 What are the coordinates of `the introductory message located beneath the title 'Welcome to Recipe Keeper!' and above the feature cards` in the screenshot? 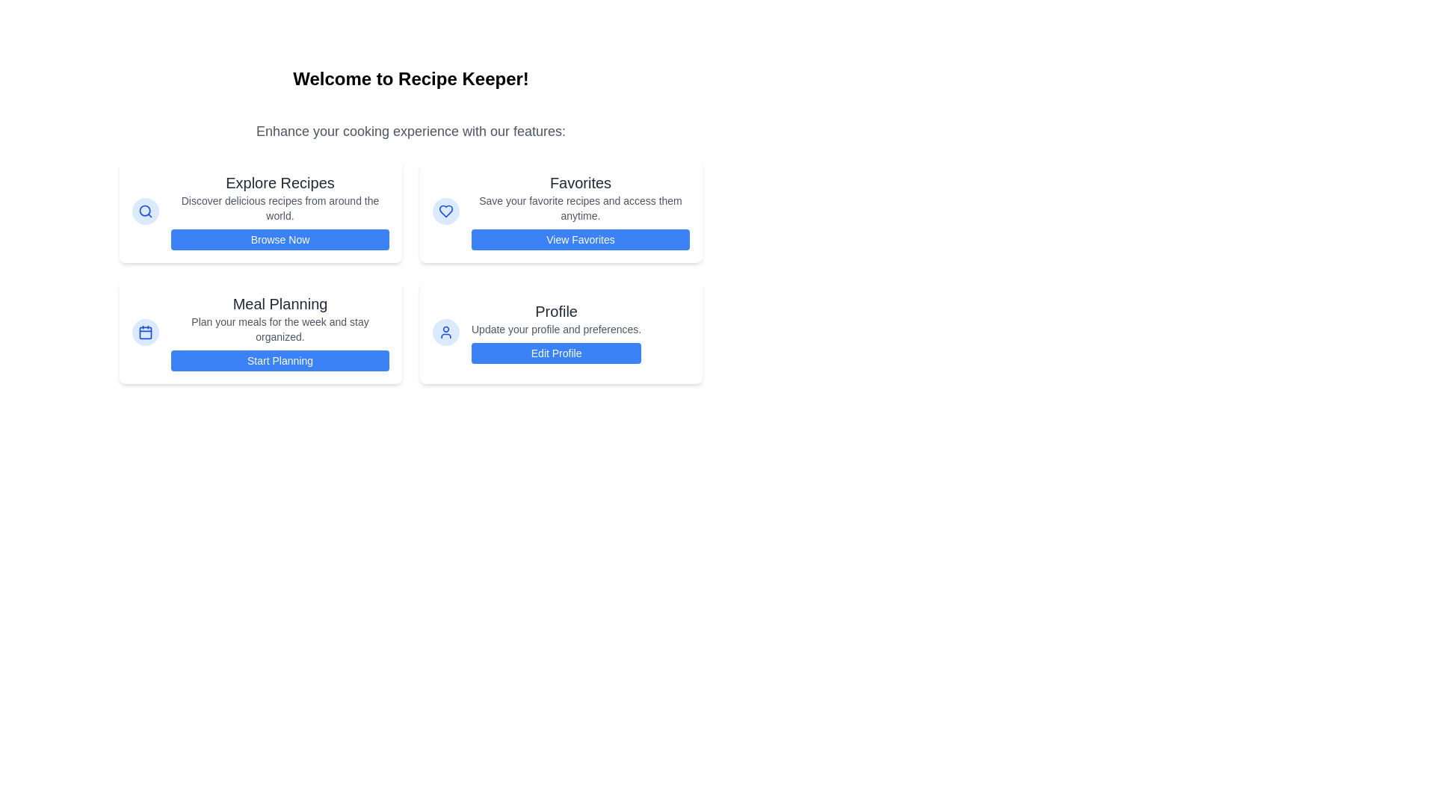 It's located at (411, 131).